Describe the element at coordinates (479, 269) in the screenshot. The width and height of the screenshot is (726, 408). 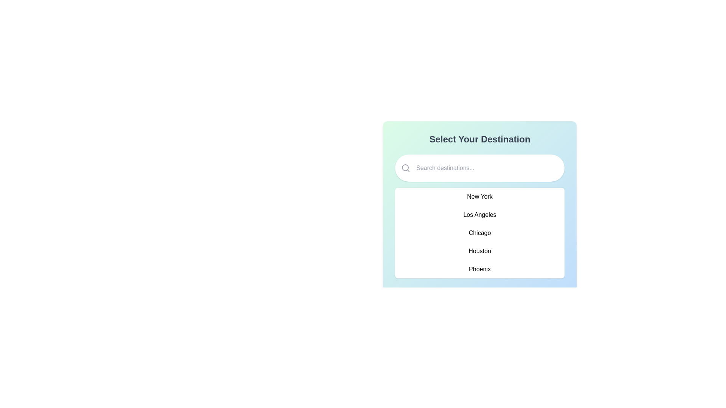
I see `the text label displaying 'Phoenix' at the bottom of the list of cities, which is styled with a hover effect that changes the background color` at that location.